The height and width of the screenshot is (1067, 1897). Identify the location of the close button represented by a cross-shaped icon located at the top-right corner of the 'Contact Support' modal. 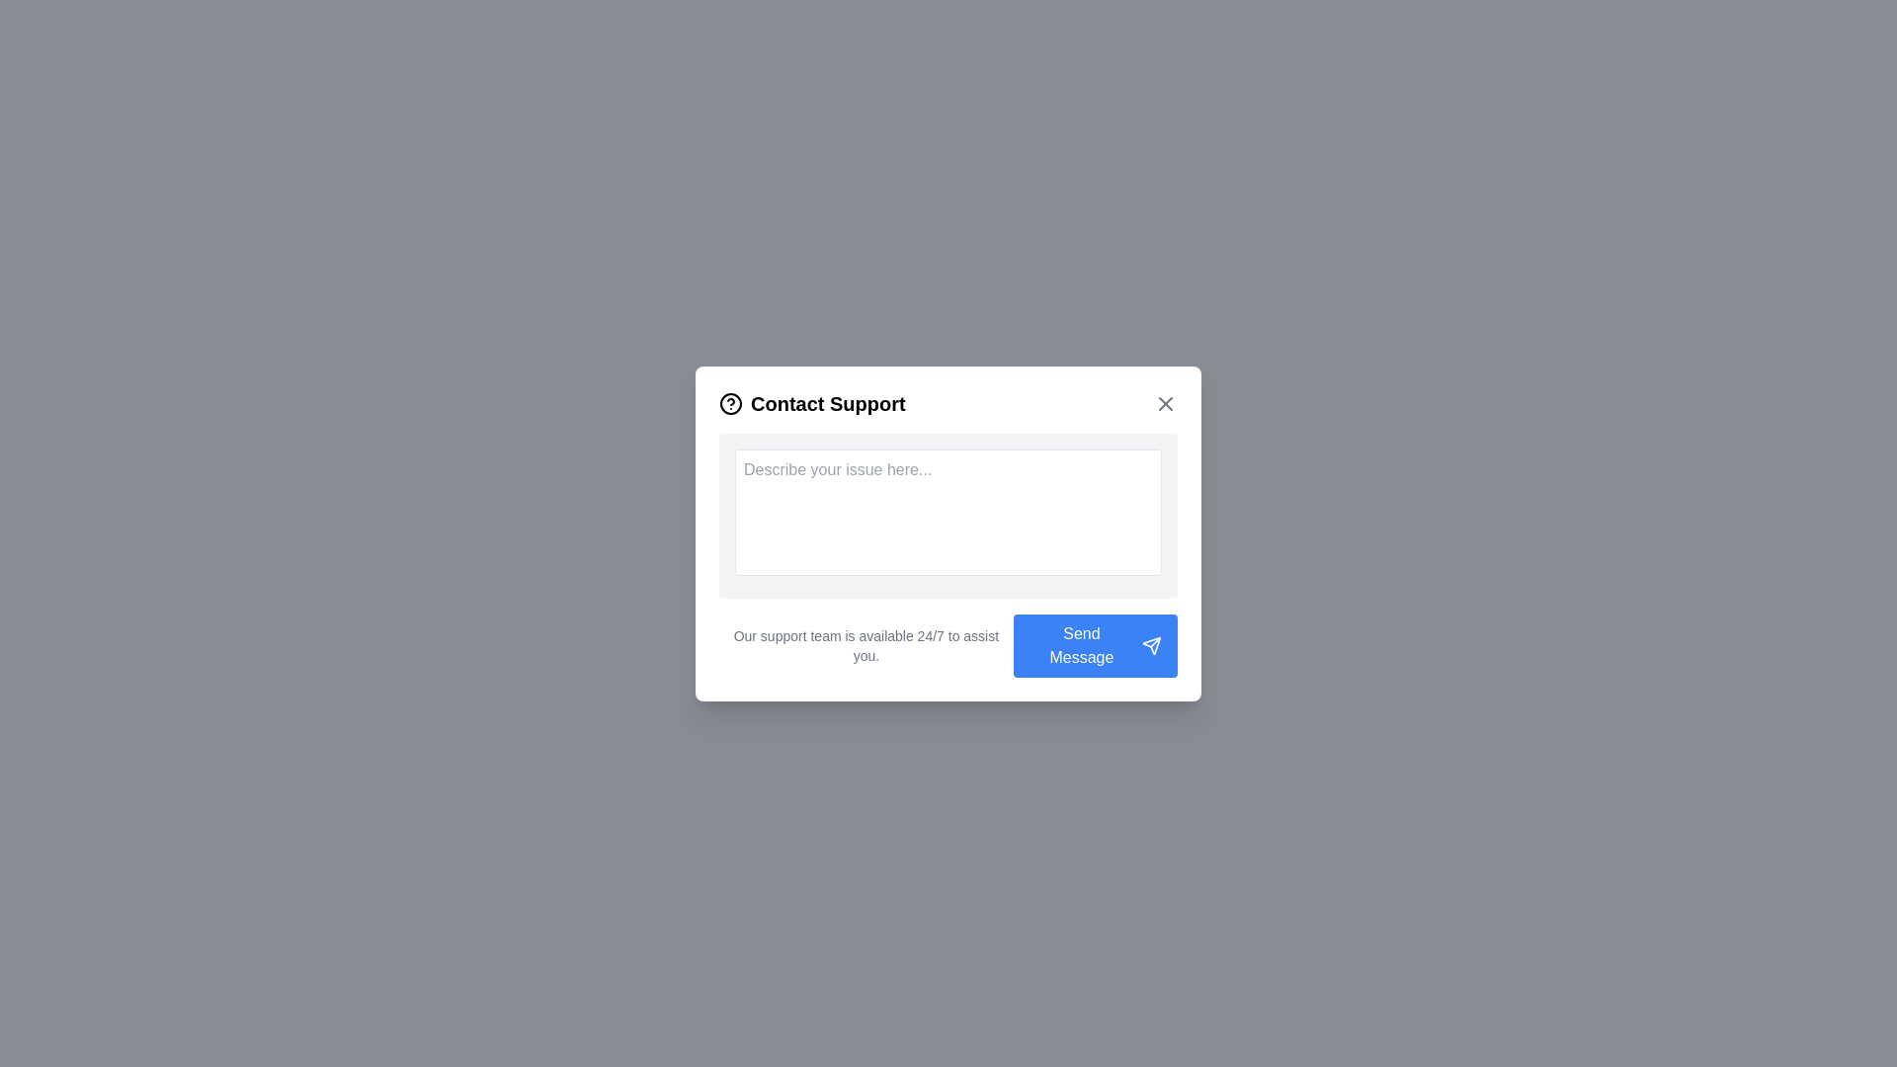
(1166, 402).